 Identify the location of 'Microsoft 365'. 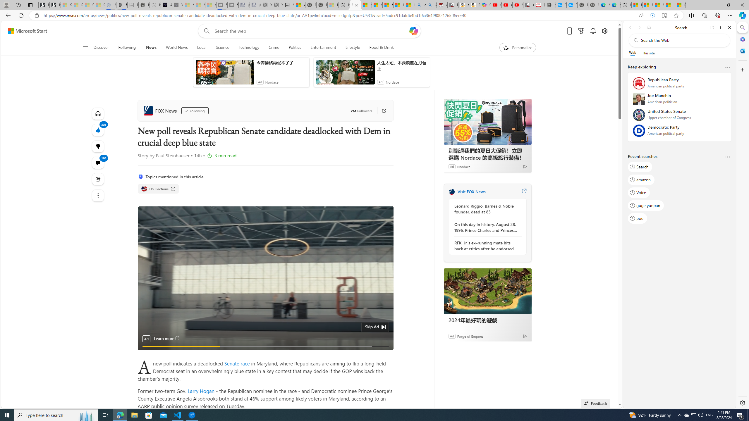
(742, 39).